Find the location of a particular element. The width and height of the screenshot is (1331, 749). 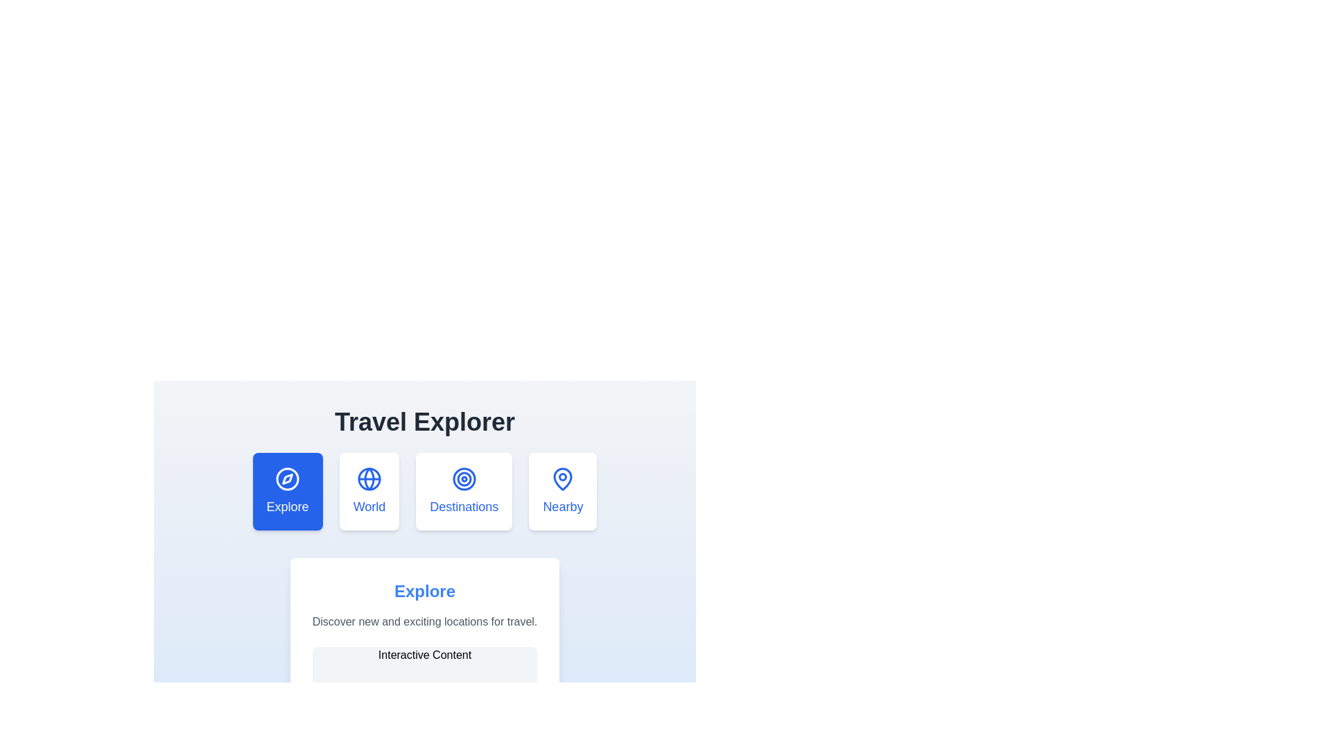

the tab labeled World to view its content is located at coordinates (369, 491).